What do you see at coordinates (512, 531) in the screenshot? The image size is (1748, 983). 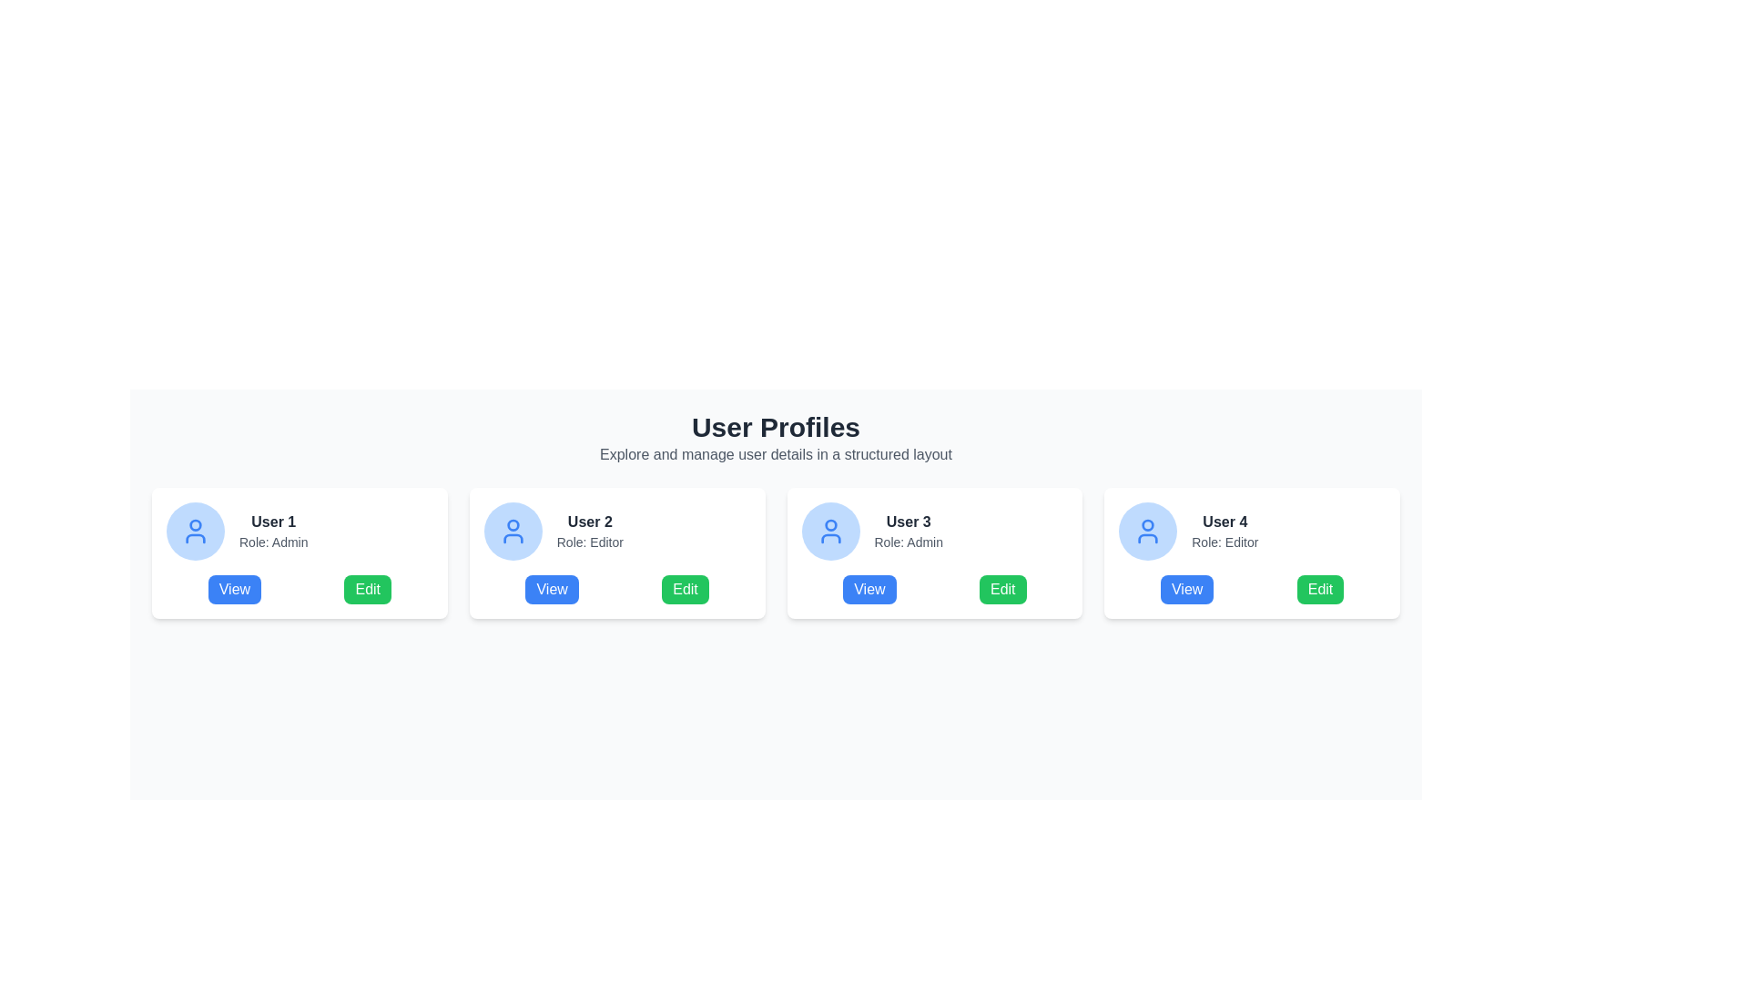 I see `the circular user icon with a light blue background and a blue outlined user silhouette, located` at bounding box center [512, 531].